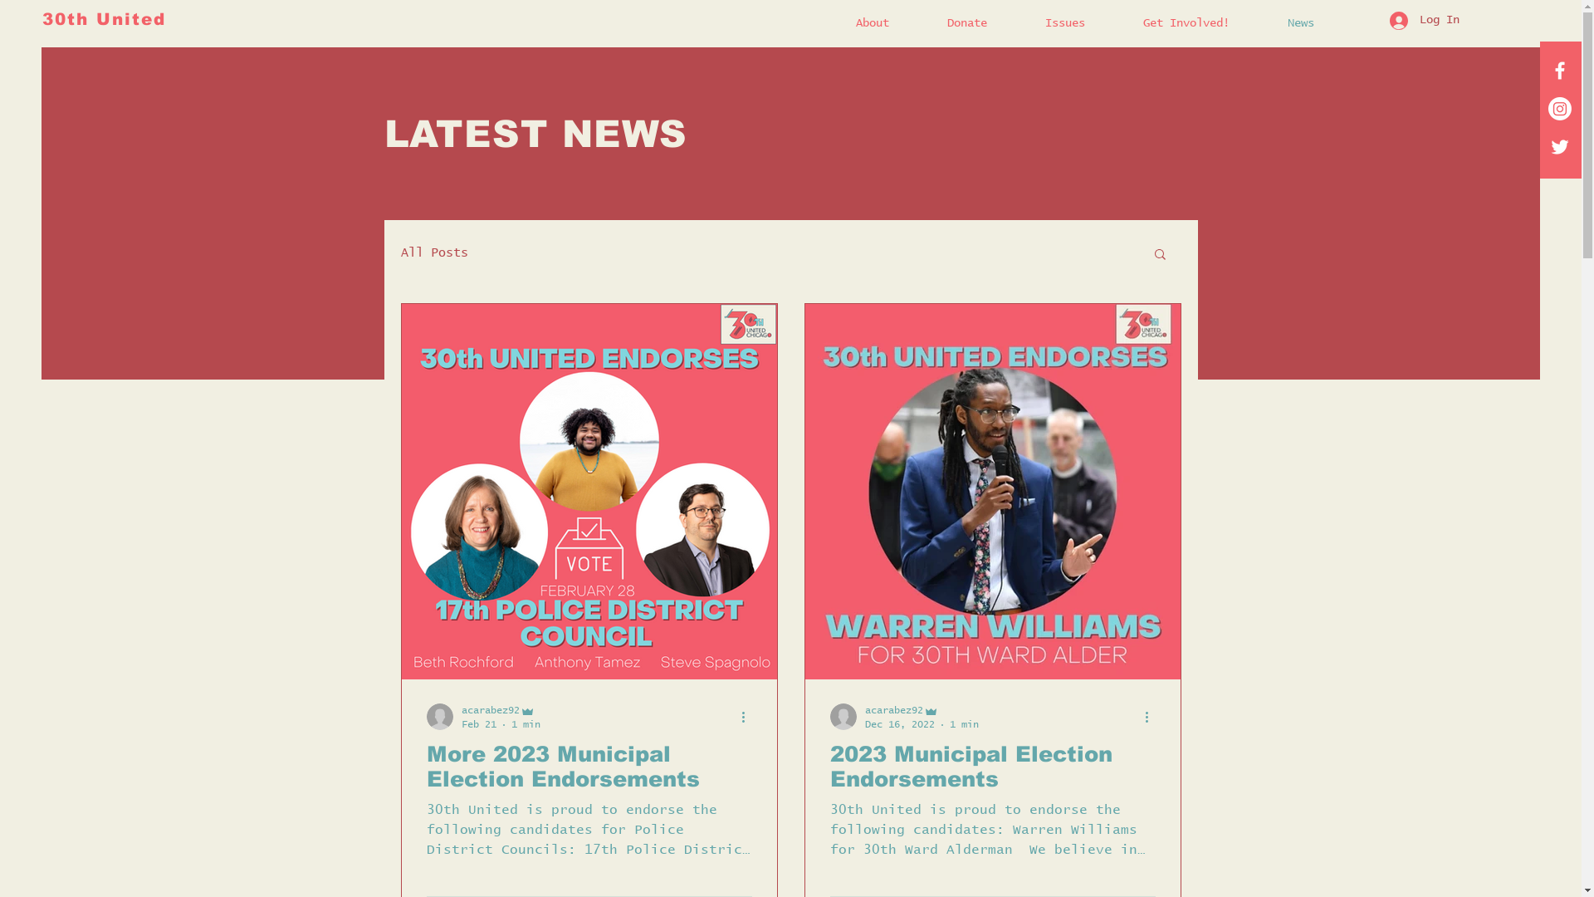 The width and height of the screenshot is (1594, 897). Describe the element at coordinates (589, 766) in the screenshot. I see `'More 2023 Municipal Election Endorsements'` at that location.